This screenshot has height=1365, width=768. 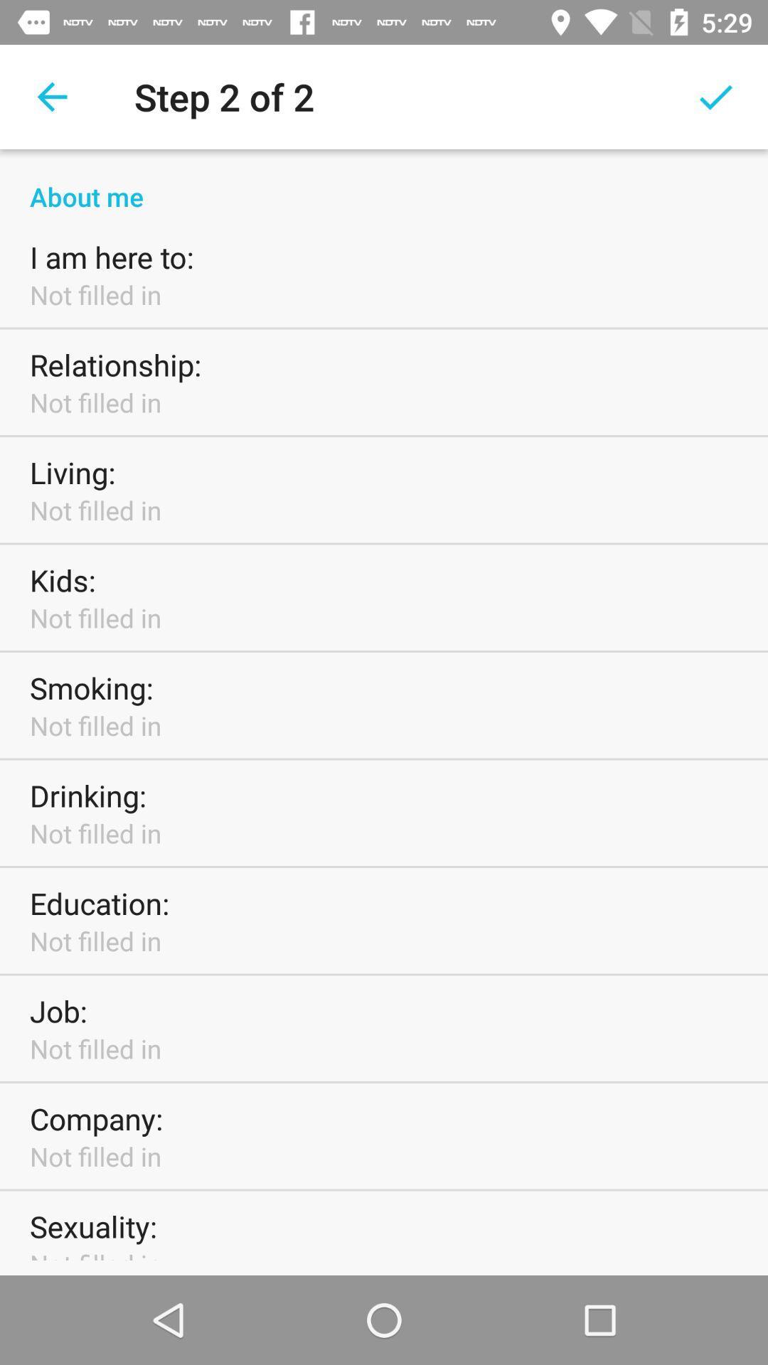 What do you see at coordinates (51, 96) in the screenshot?
I see `go back` at bounding box center [51, 96].